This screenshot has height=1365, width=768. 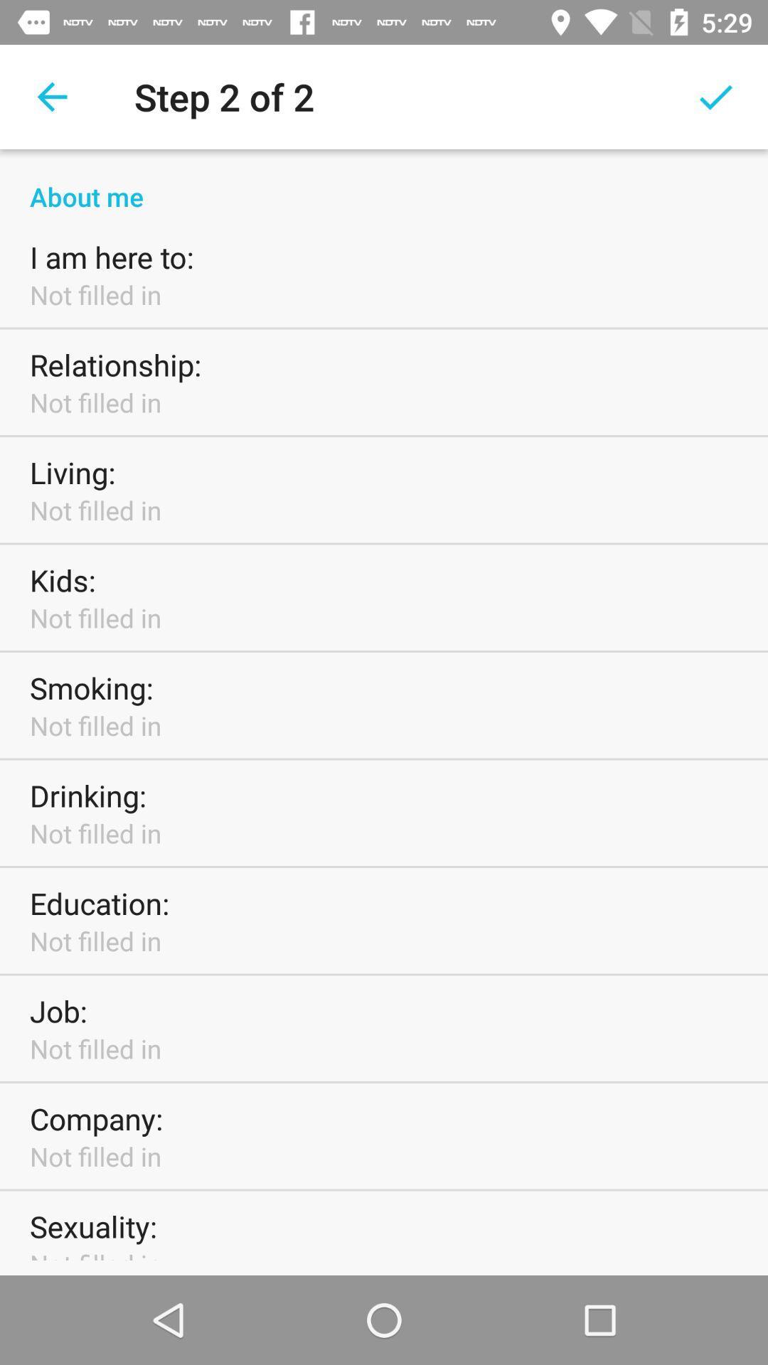 What do you see at coordinates (51, 96) in the screenshot?
I see `go back` at bounding box center [51, 96].